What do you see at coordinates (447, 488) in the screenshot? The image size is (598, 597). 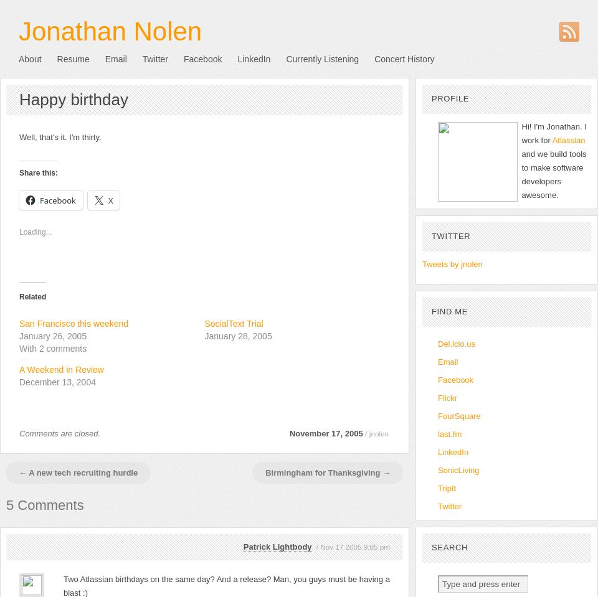 I see `'TripIt'` at bounding box center [447, 488].